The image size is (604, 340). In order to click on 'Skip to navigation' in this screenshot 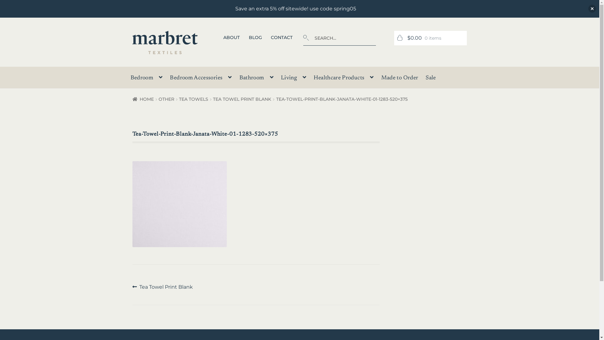, I will do `click(132, 31)`.